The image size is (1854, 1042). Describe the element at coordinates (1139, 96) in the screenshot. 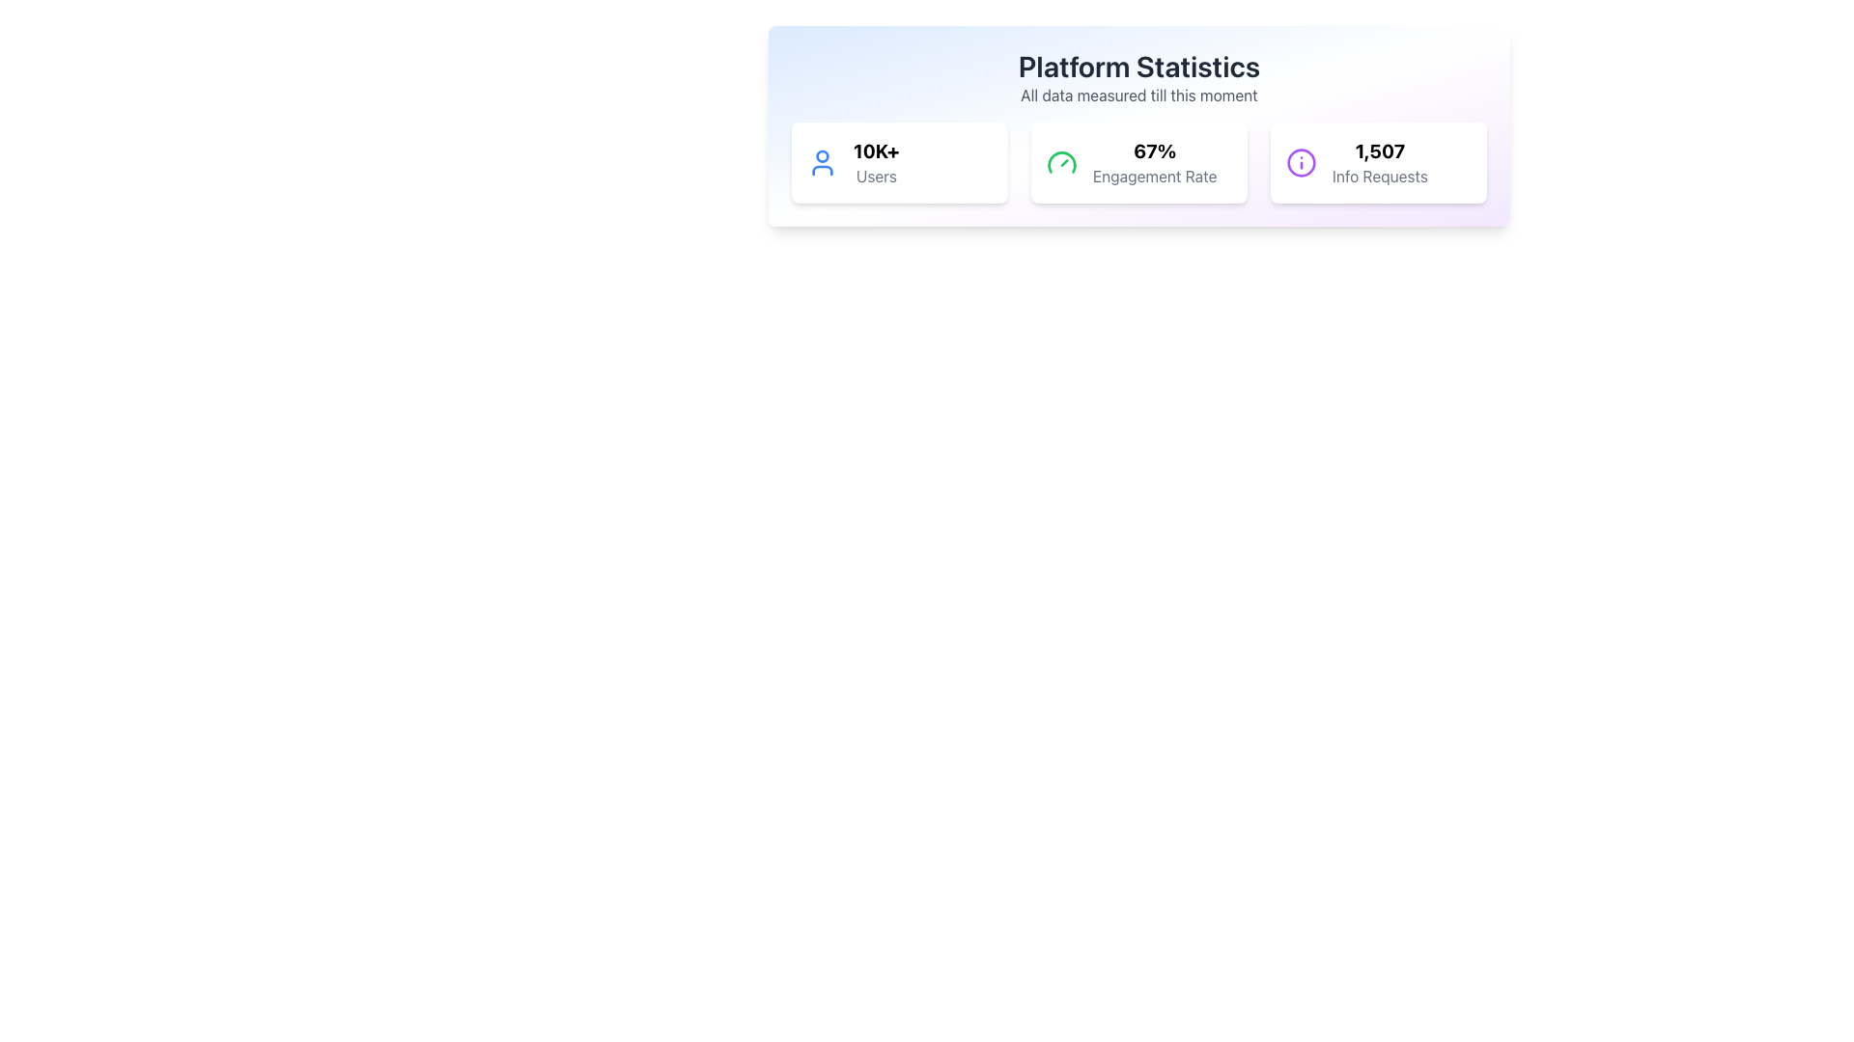

I see `the static text located immediately below the bold title 'Platform Statistics'` at that location.